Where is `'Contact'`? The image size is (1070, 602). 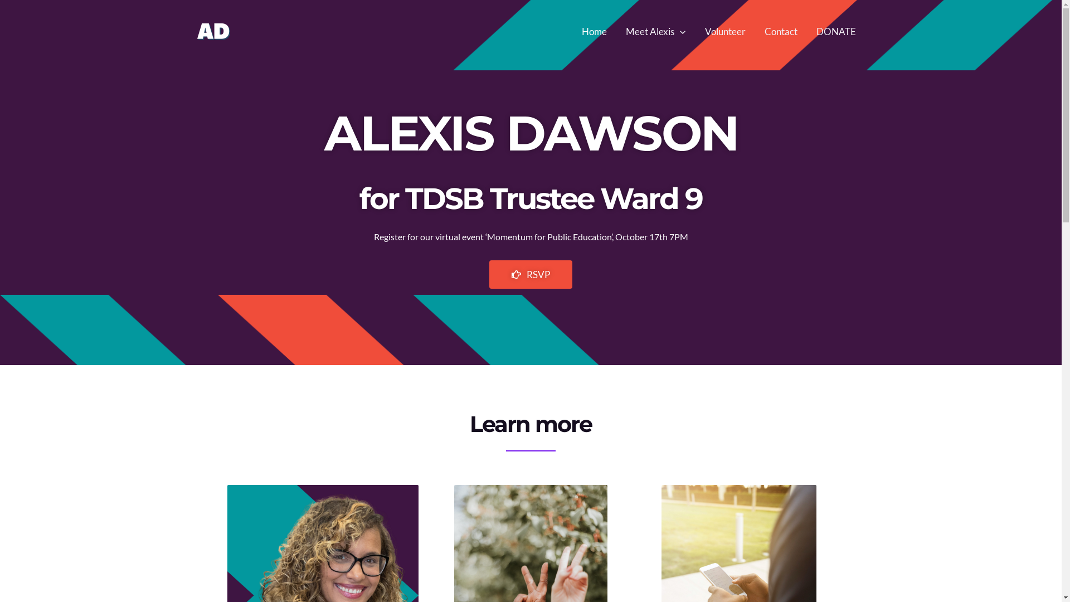 'Contact' is located at coordinates (780, 31).